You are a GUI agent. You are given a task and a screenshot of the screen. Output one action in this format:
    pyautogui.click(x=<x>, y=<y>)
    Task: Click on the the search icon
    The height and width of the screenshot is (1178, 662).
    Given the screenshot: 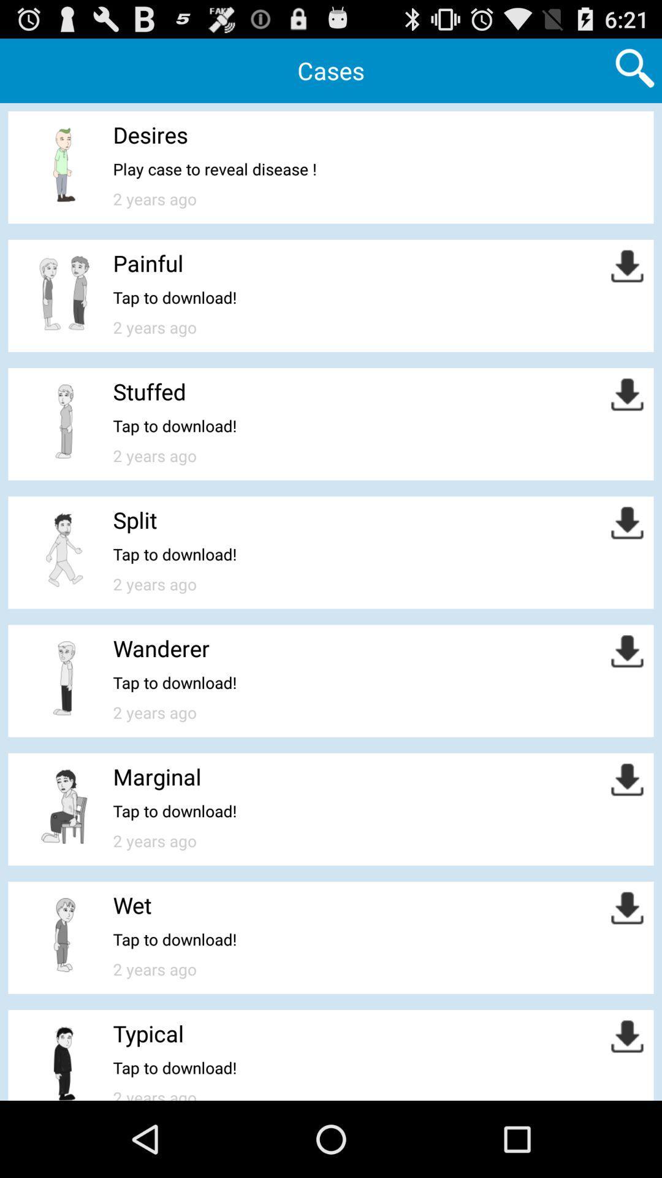 What is the action you would take?
    pyautogui.click(x=634, y=72)
    